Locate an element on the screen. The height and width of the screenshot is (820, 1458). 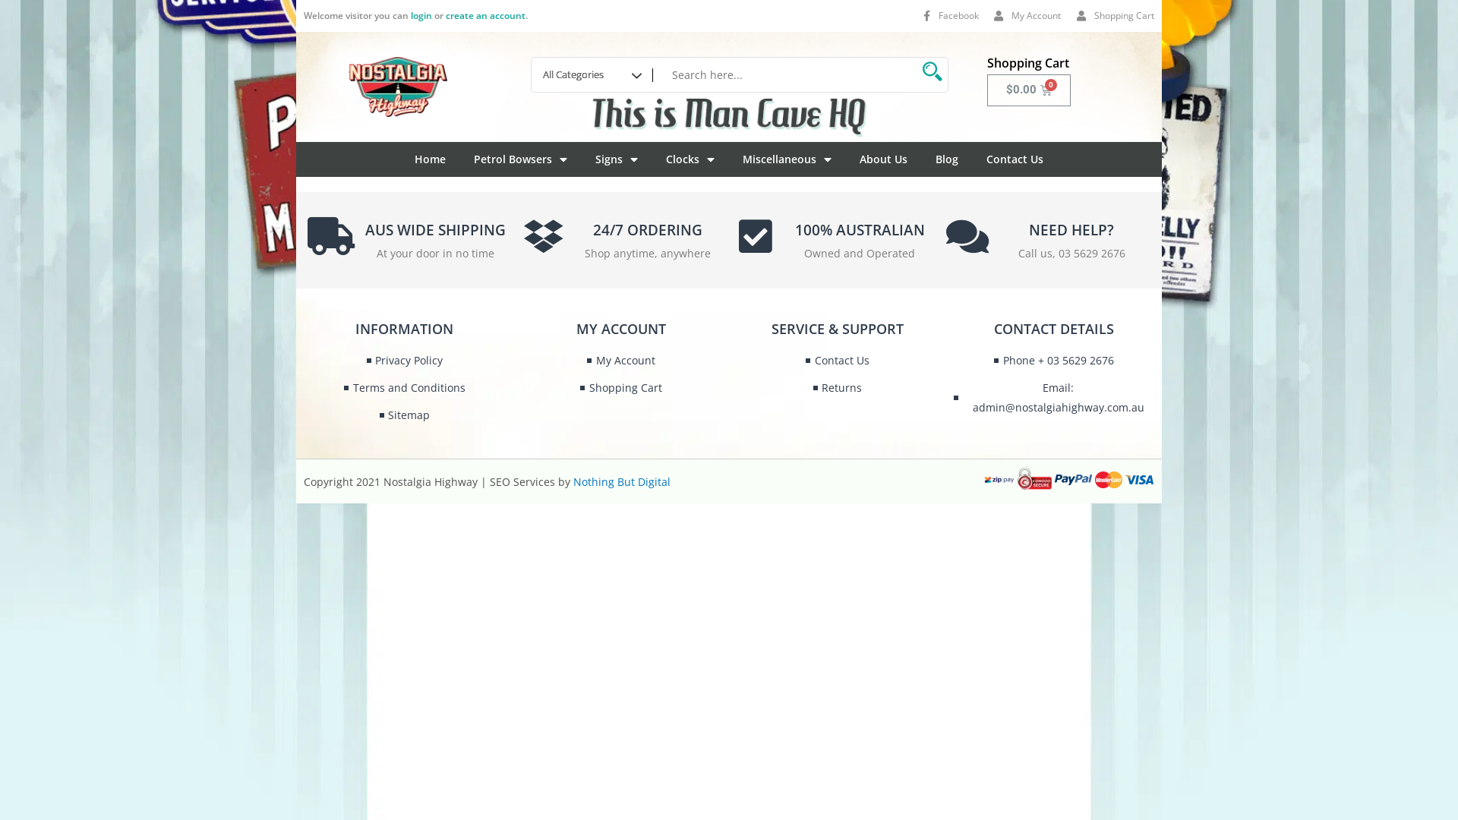
'About Us' is located at coordinates (883, 159).